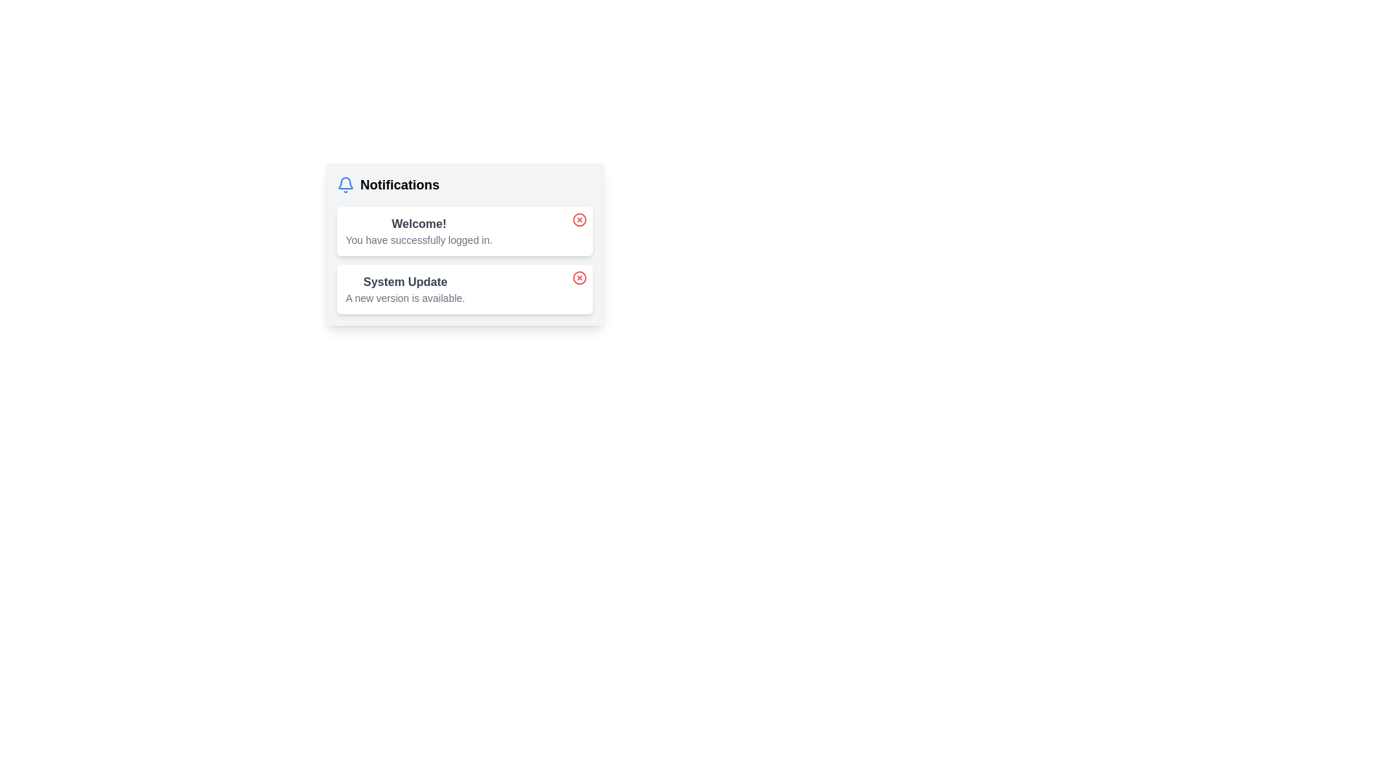  Describe the element at coordinates (578, 277) in the screenshot. I see `the circular 'X' icon located next to the 'System Update' text in the notification list` at that location.